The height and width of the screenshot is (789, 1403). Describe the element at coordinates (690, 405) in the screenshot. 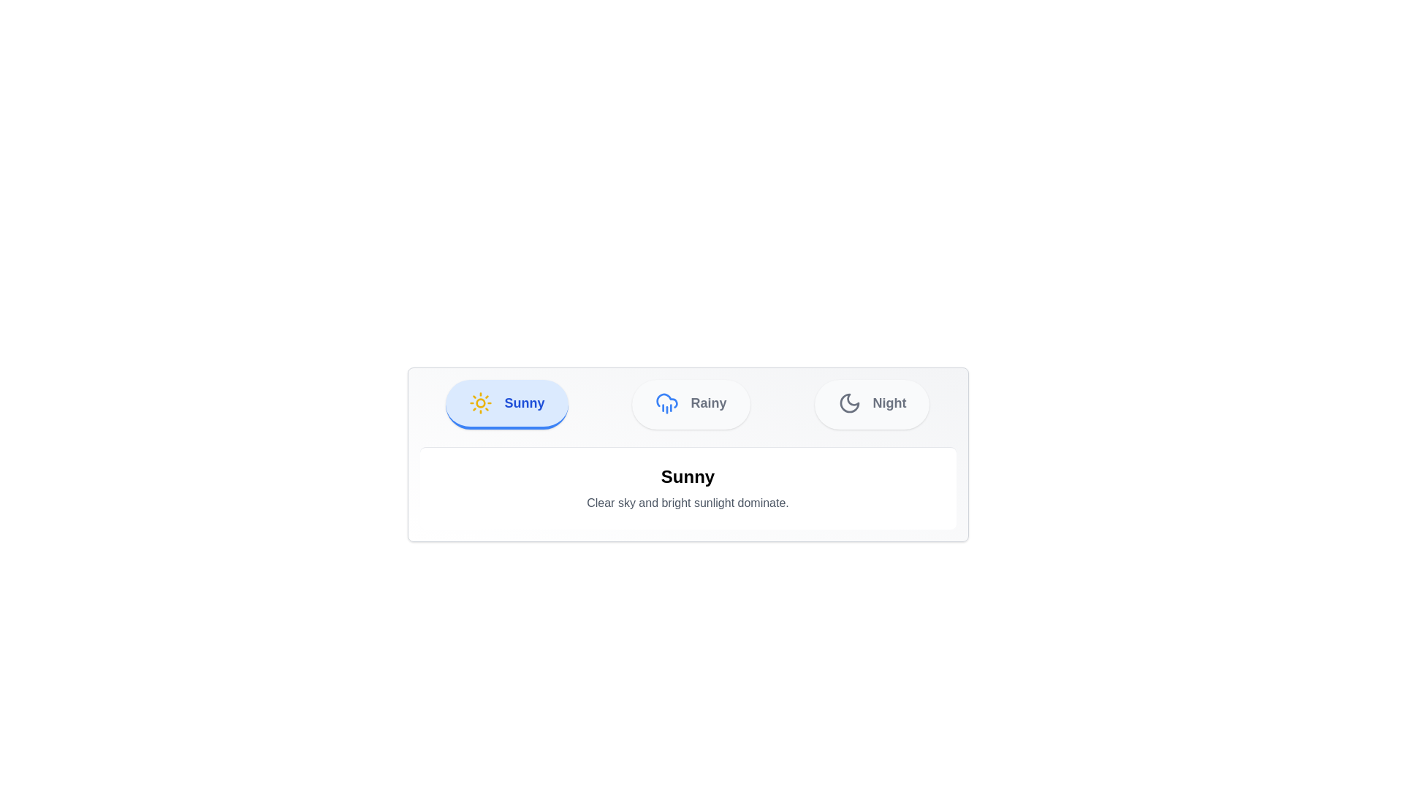

I see `the Rainy tab to switch the view` at that location.